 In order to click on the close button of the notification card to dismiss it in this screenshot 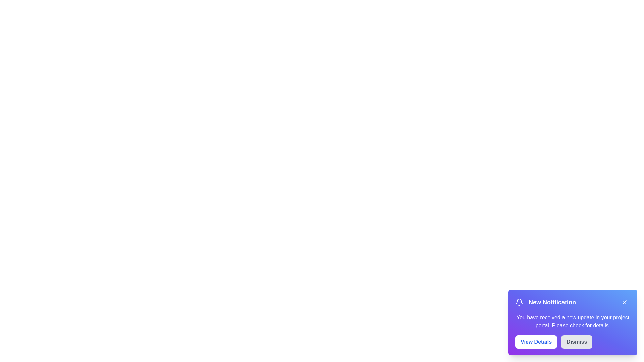, I will do `click(624, 302)`.